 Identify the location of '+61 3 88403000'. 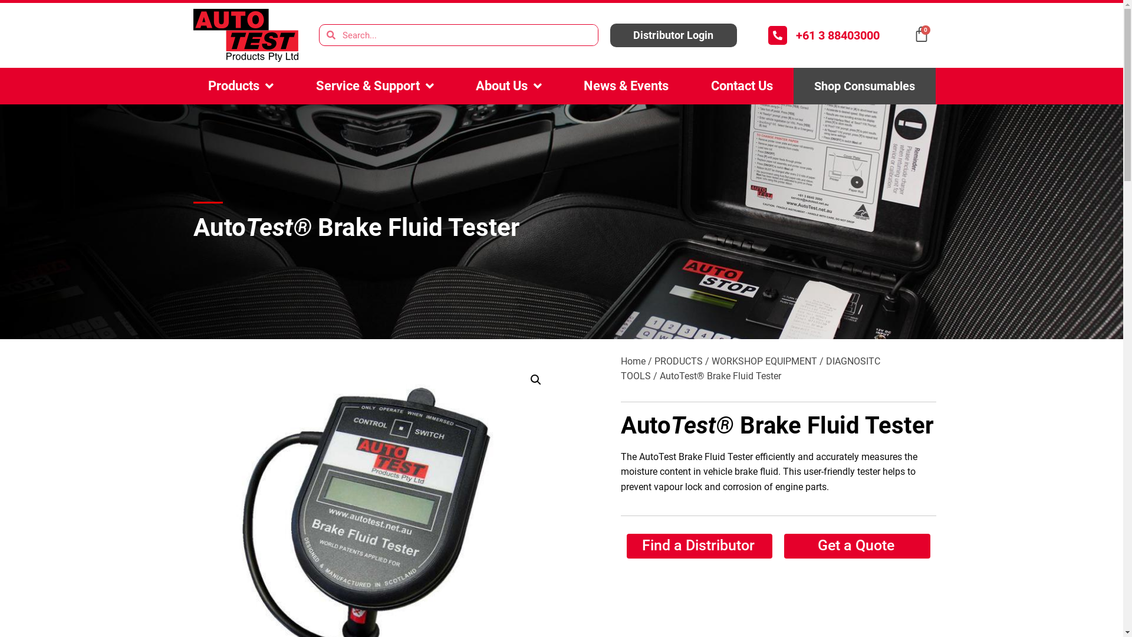
(795, 35).